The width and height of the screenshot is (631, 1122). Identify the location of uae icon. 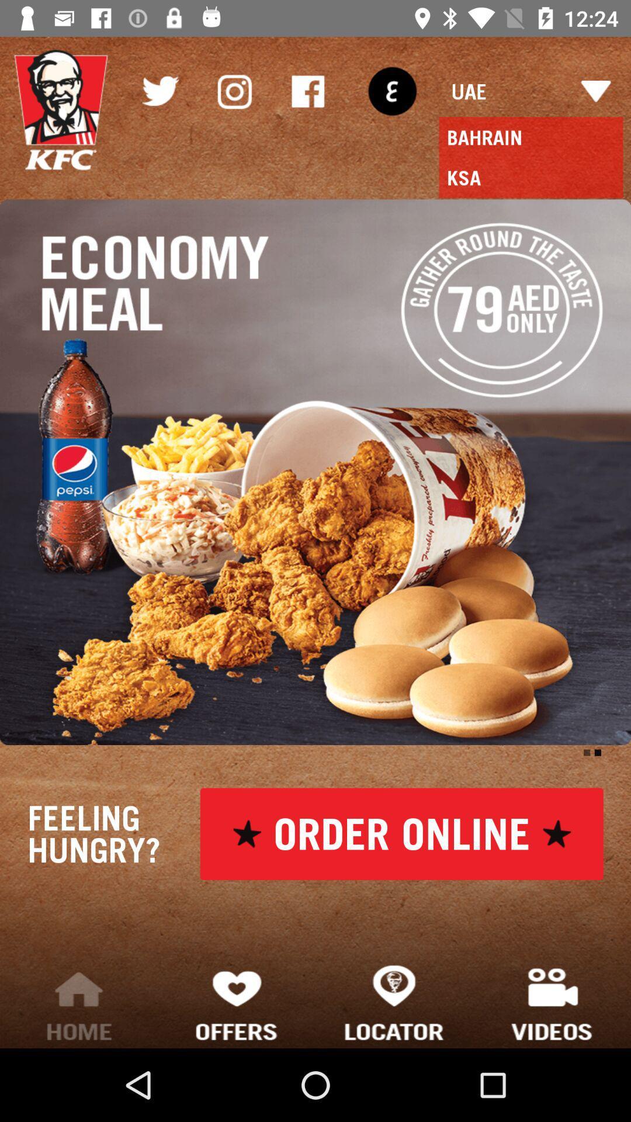
(531, 91).